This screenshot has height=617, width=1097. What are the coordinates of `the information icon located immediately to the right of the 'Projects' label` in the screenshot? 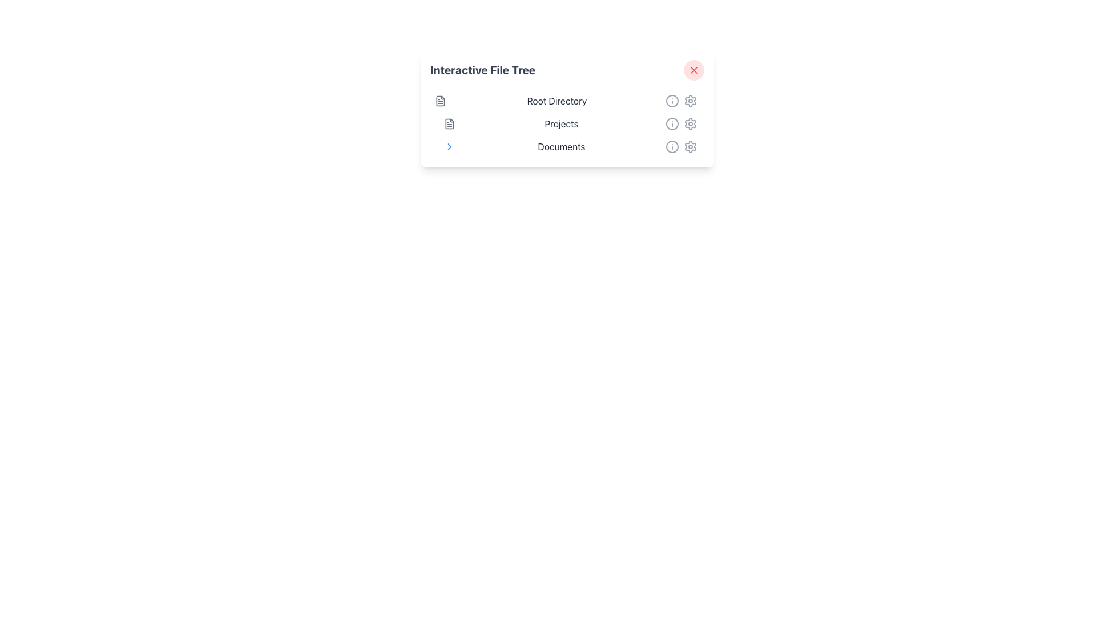 It's located at (672, 123).